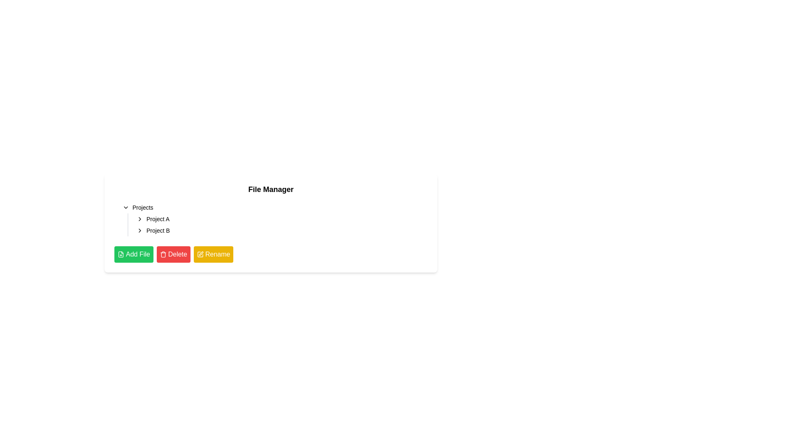 This screenshot has width=790, height=444. What do you see at coordinates (158, 218) in the screenshot?
I see `the text label representing a project item in the file manager interface, located in the second column under the 'Projects' label, aligned with the arrow icon and 'Project B'` at bounding box center [158, 218].